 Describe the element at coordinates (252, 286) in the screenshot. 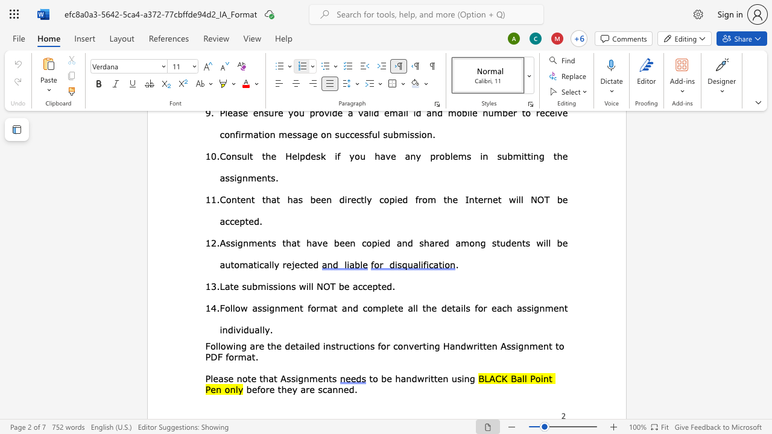

I see `the space between the continuous character "u" and "b" in the text` at that location.